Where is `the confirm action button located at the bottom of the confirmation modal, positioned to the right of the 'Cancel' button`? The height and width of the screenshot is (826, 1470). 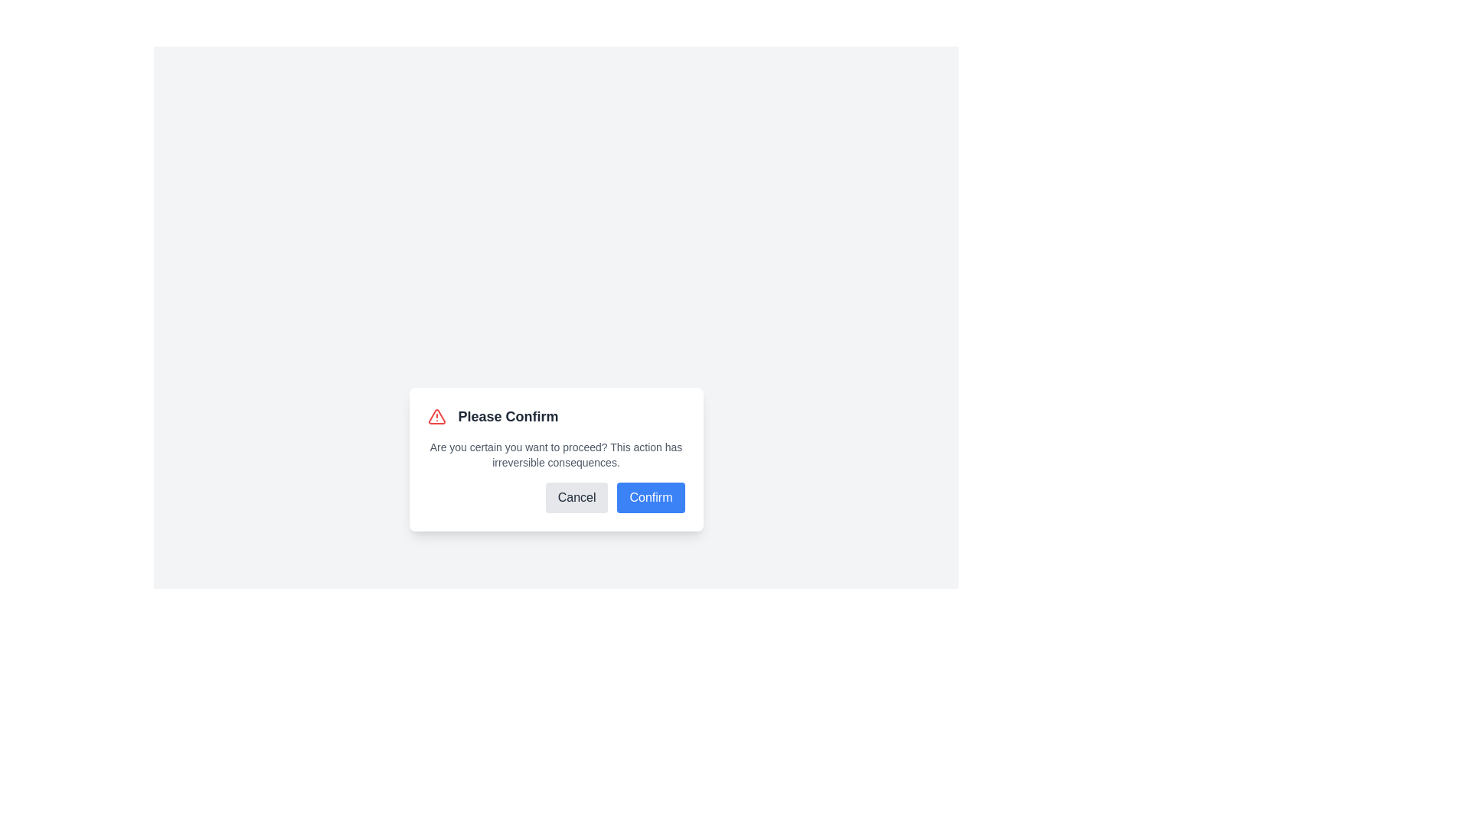 the confirm action button located at the bottom of the confirmation modal, positioned to the right of the 'Cancel' button is located at coordinates (651, 498).